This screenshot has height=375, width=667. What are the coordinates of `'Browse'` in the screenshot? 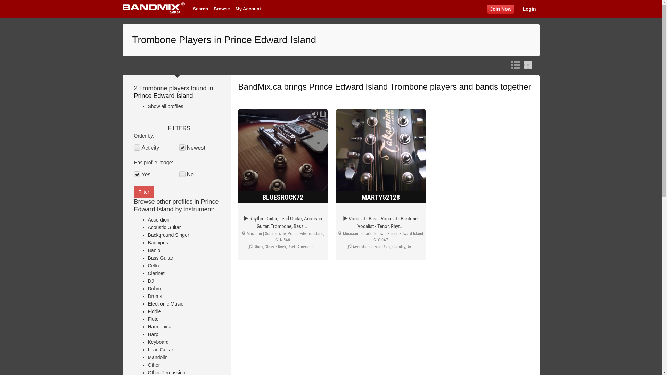 It's located at (221, 9).